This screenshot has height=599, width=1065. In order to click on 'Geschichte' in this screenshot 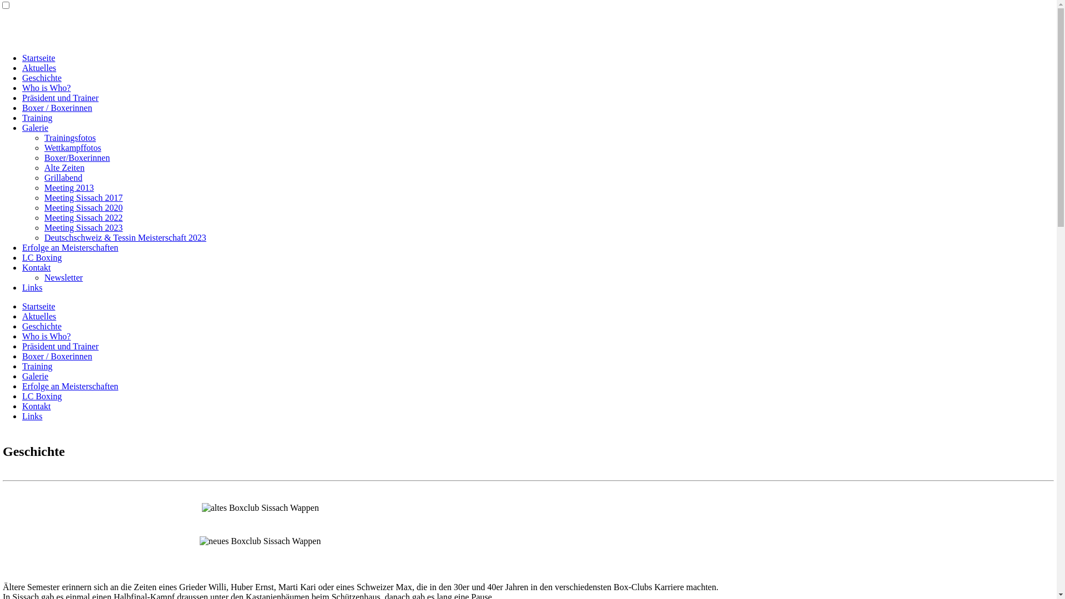, I will do `click(42, 326)`.